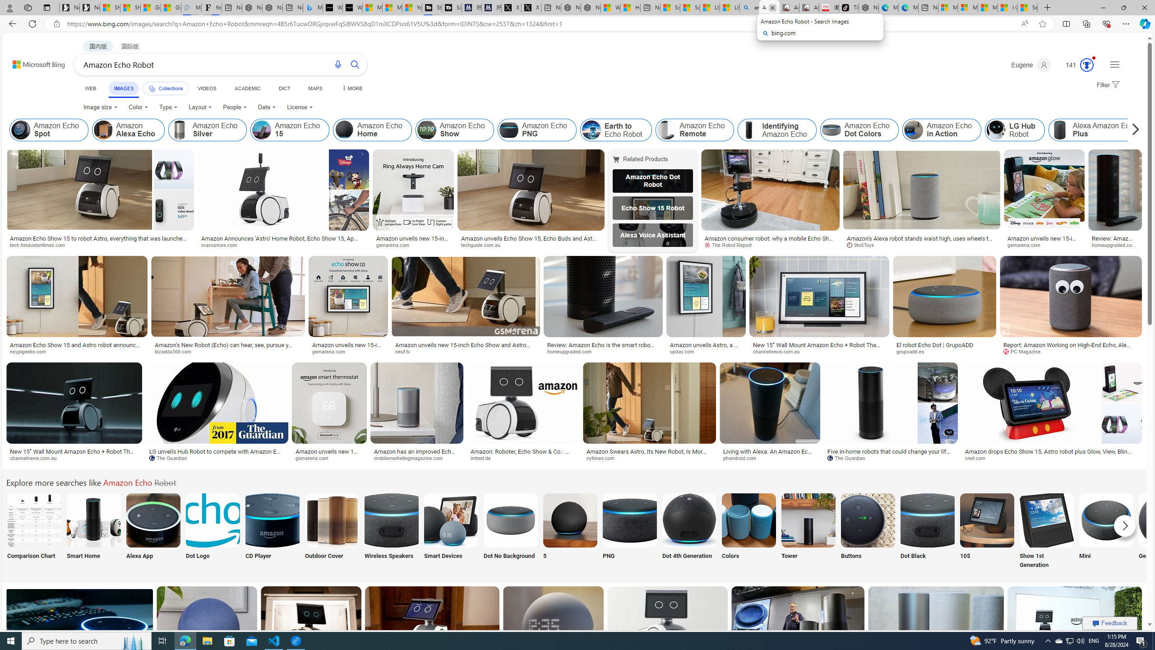 This screenshot has width=1155, height=650. Describe the element at coordinates (152, 531) in the screenshot. I see `'Alexa App. Amazon Echo Alexa App'` at that location.